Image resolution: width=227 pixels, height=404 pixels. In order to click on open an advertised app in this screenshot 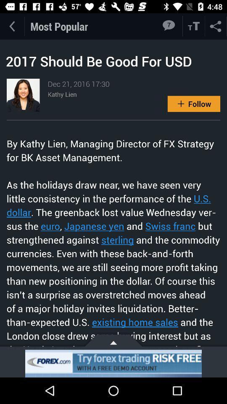, I will do `click(113, 363)`.